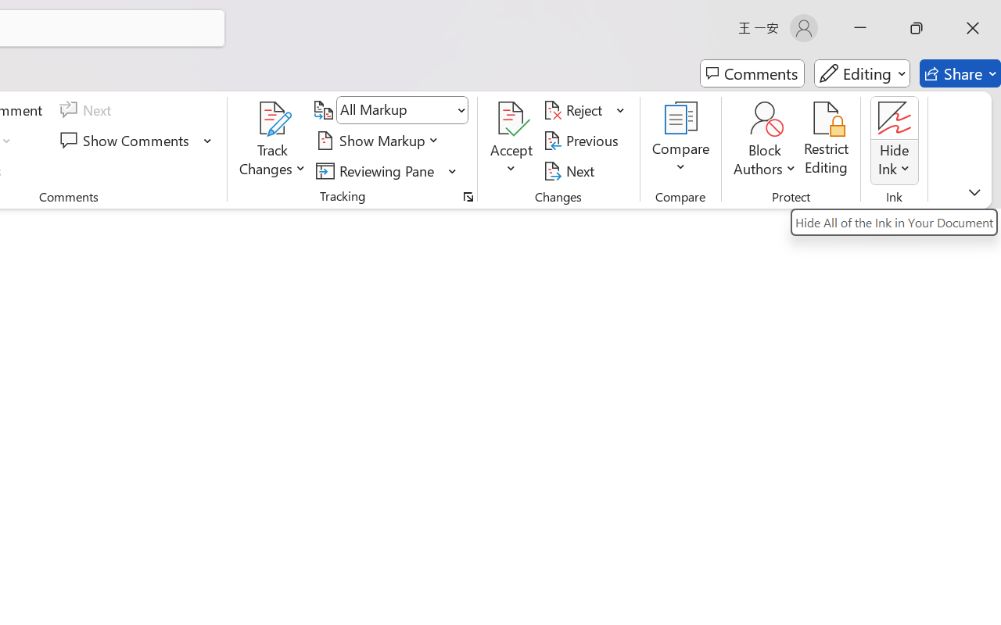 This screenshot has width=1001, height=625. Describe the element at coordinates (136, 140) in the screenshot. I see `'Show Comments'` at that location.